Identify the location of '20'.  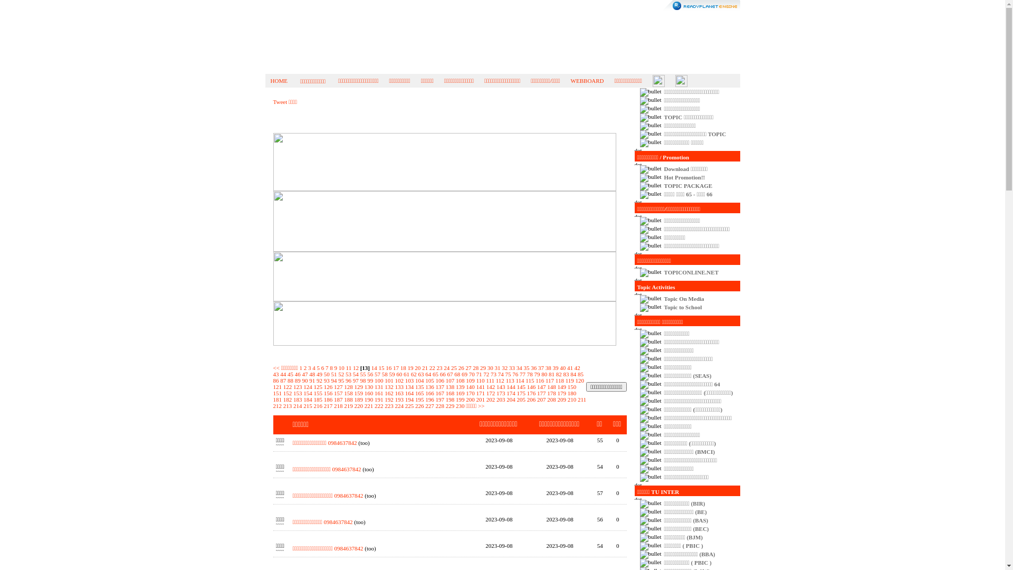
(417, 367).